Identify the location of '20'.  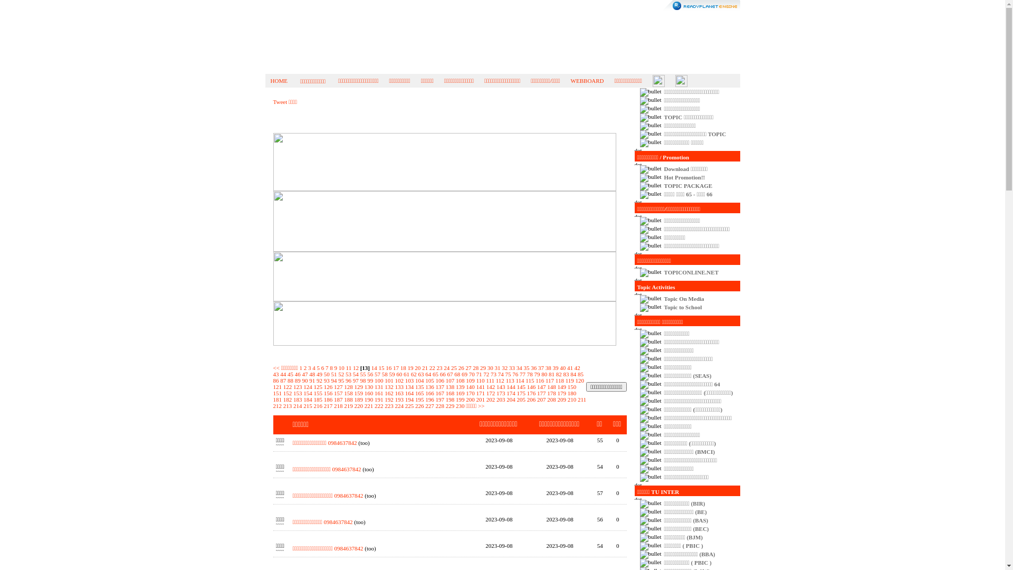
(417, 367).